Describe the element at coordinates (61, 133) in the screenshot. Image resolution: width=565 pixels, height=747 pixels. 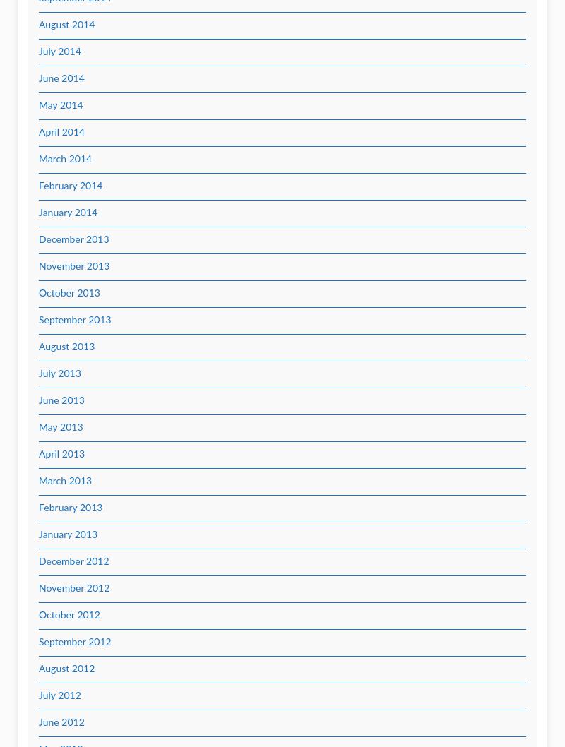
I see `'April 2014'` at that location.